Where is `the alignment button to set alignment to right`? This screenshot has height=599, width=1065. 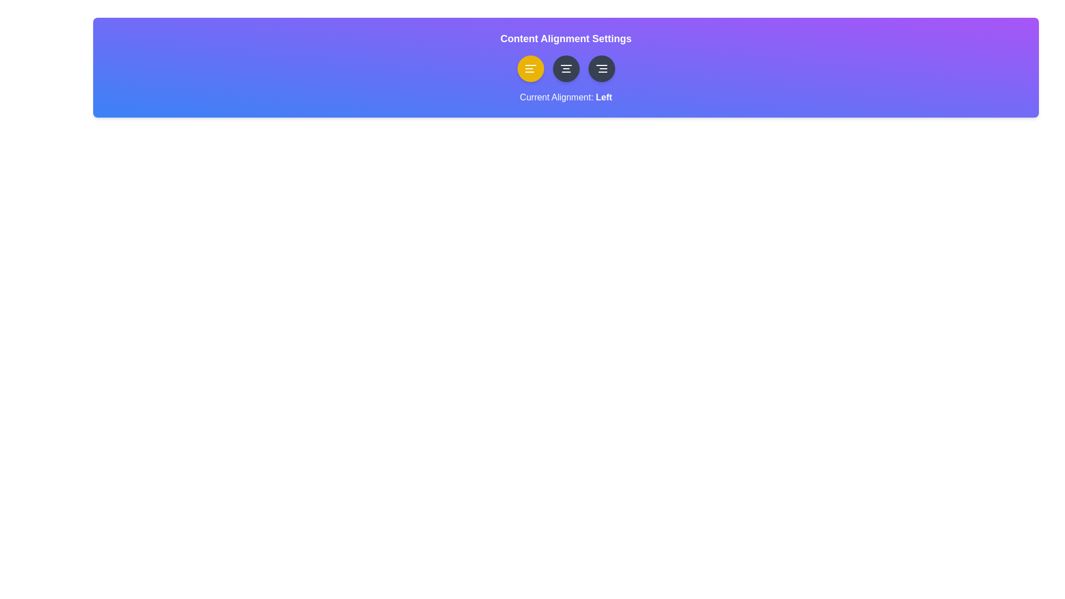
the alignment button to set alignment to right is located at coordinates (601, 68).